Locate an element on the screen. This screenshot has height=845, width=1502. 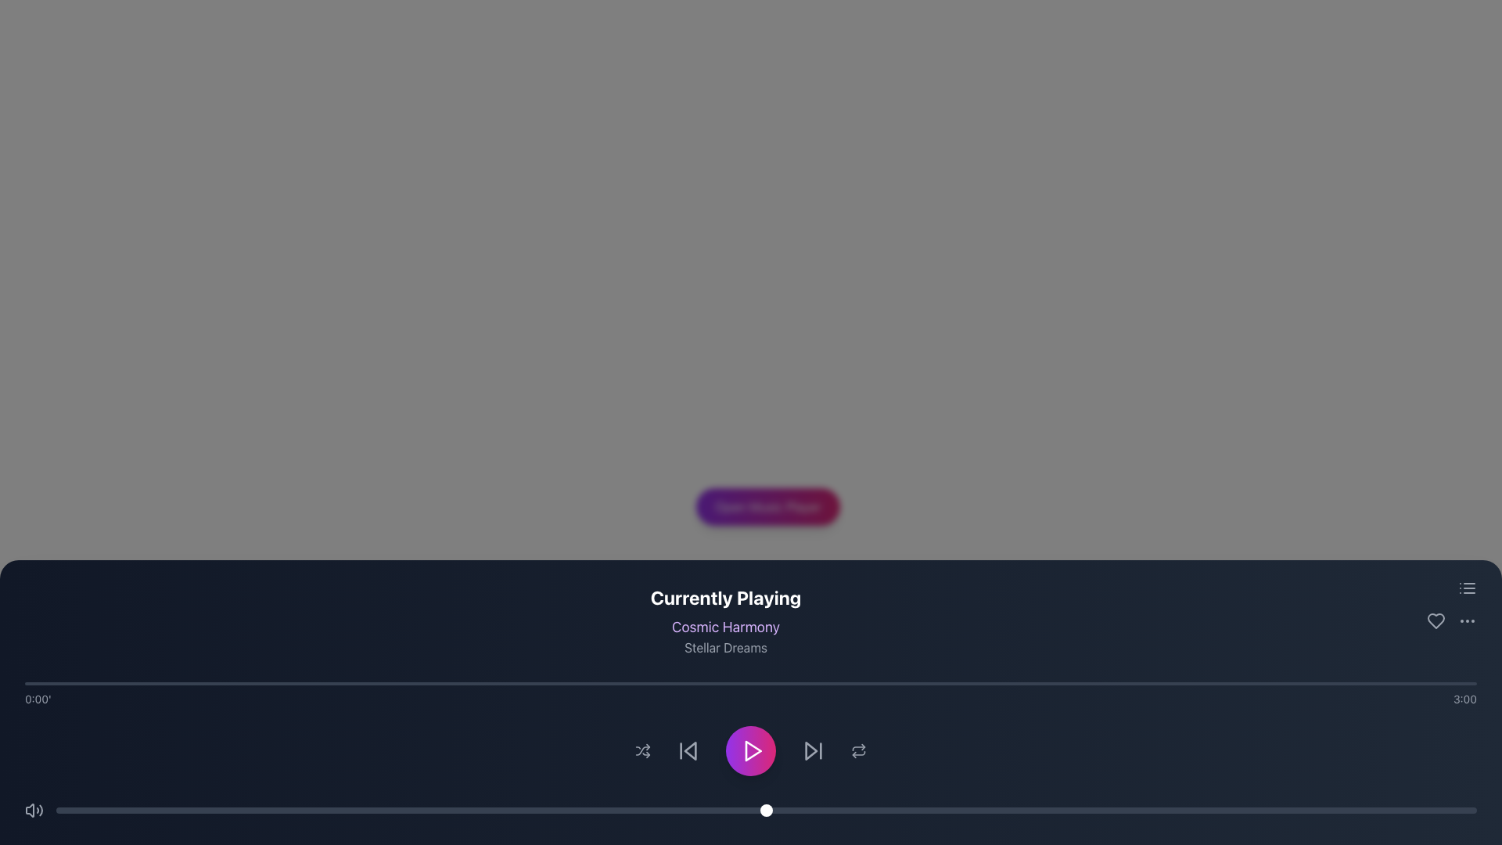
the 'like' or 'favorite' icon button located at the top-right corner of the music player interface to mark the content as preferred is located at coordinates (1436, 620).